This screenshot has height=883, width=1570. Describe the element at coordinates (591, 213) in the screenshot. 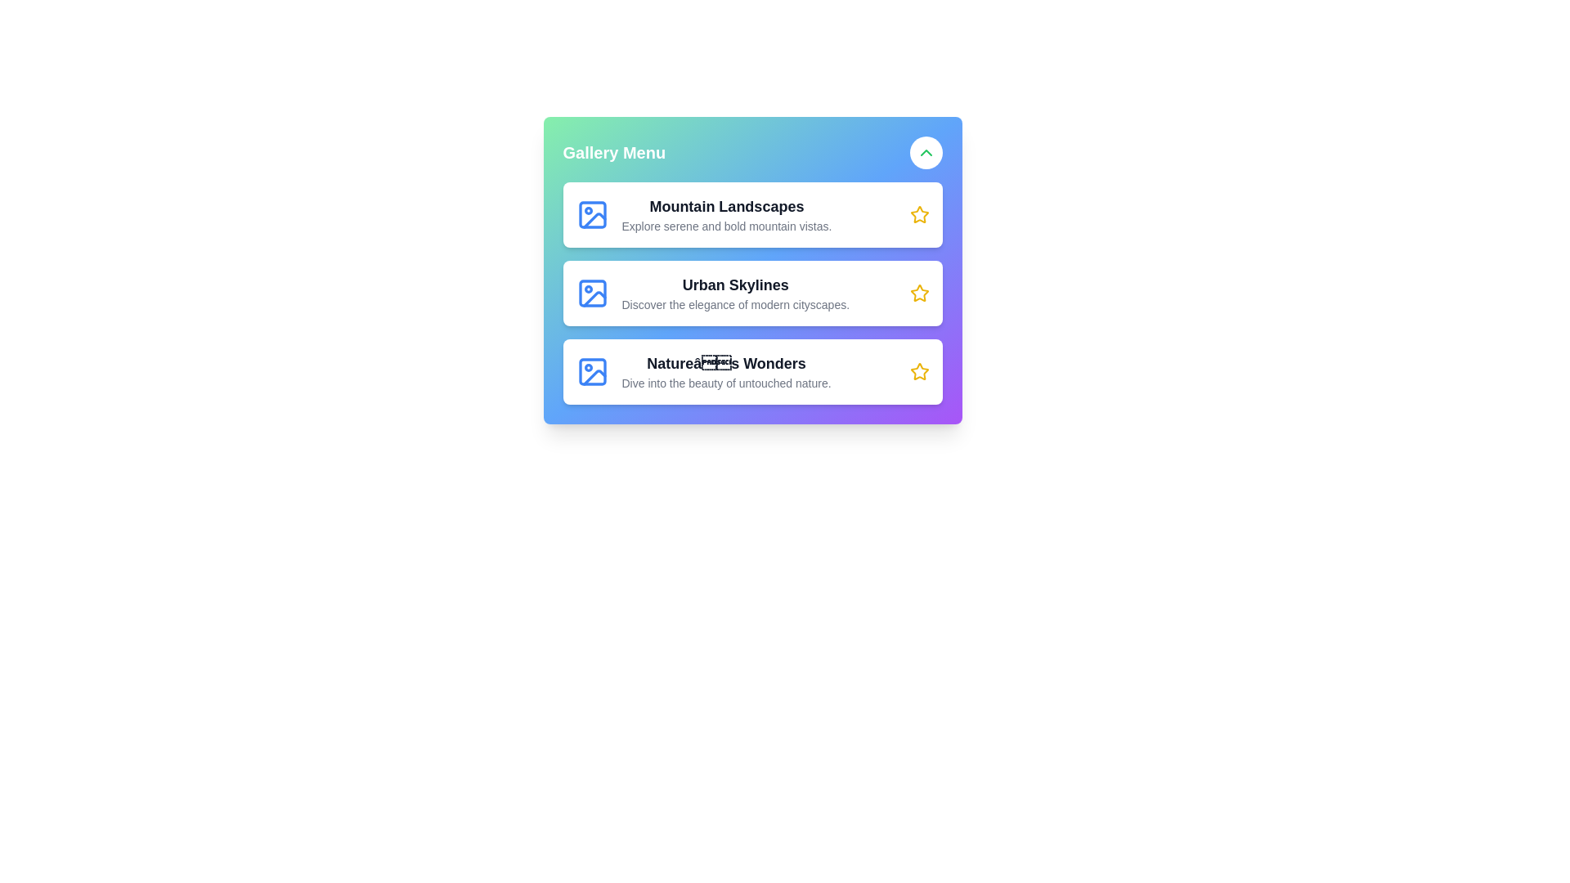

I see `the gallery icon for Mountain Landscapes` at that location.